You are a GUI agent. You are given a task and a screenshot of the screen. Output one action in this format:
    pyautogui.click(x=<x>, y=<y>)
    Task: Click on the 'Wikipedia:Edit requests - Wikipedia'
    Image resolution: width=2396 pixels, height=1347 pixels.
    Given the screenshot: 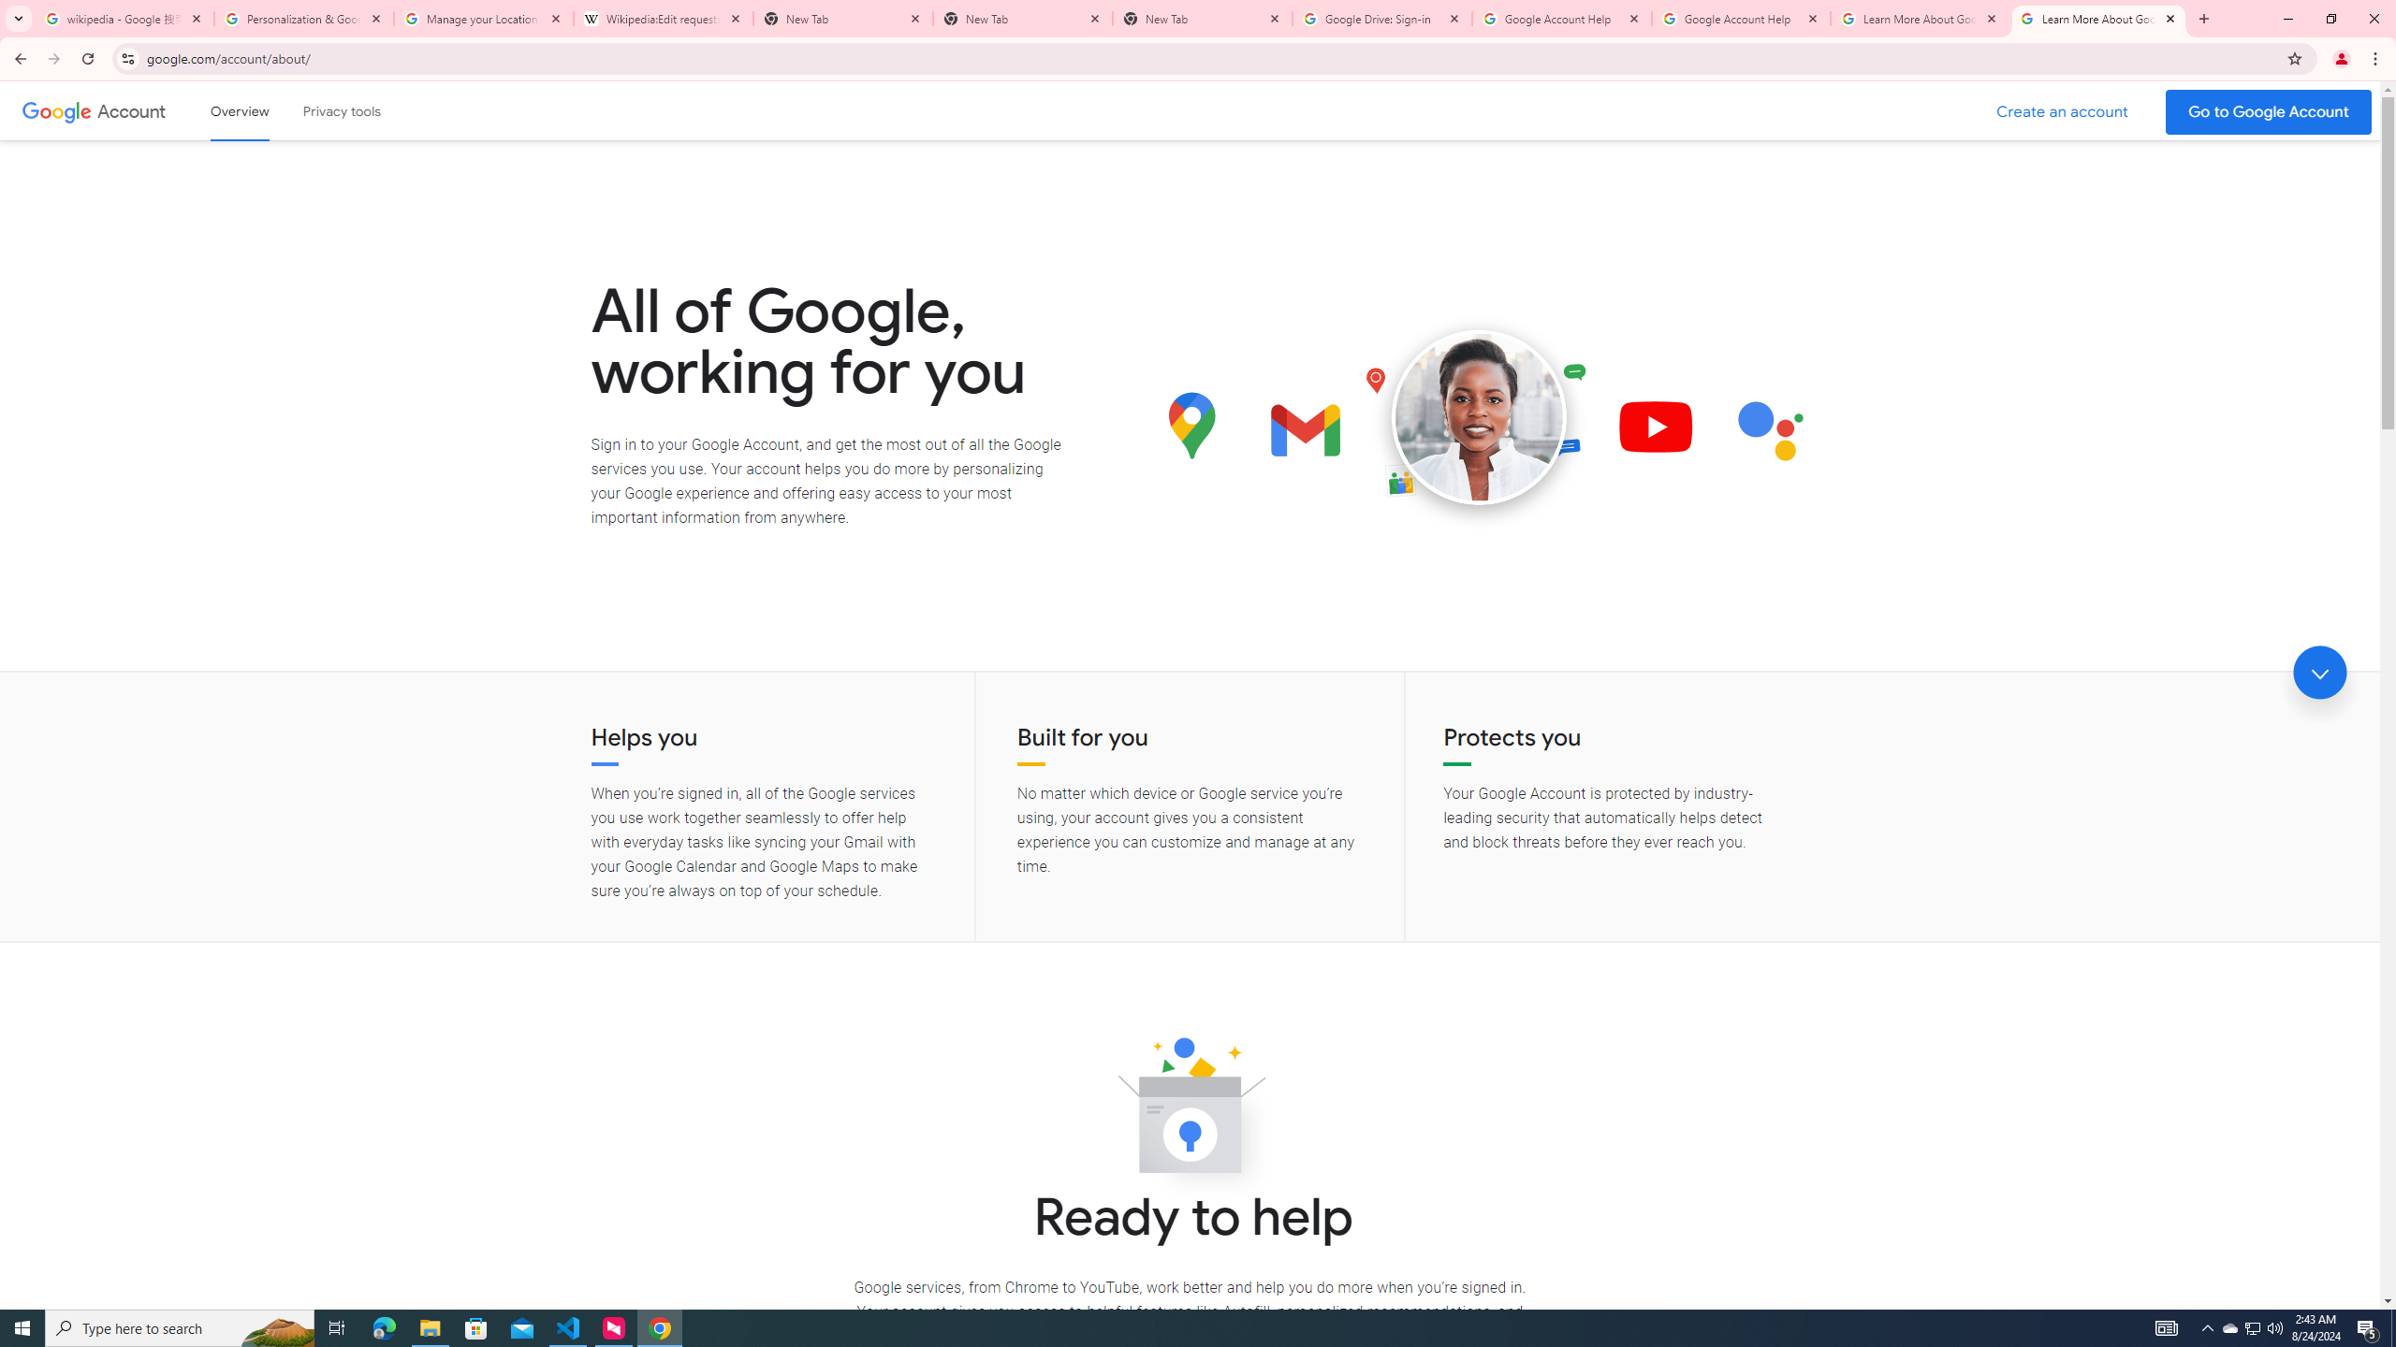 What is the action you would take?
    pyautogui.click(x=664, y=18)
    